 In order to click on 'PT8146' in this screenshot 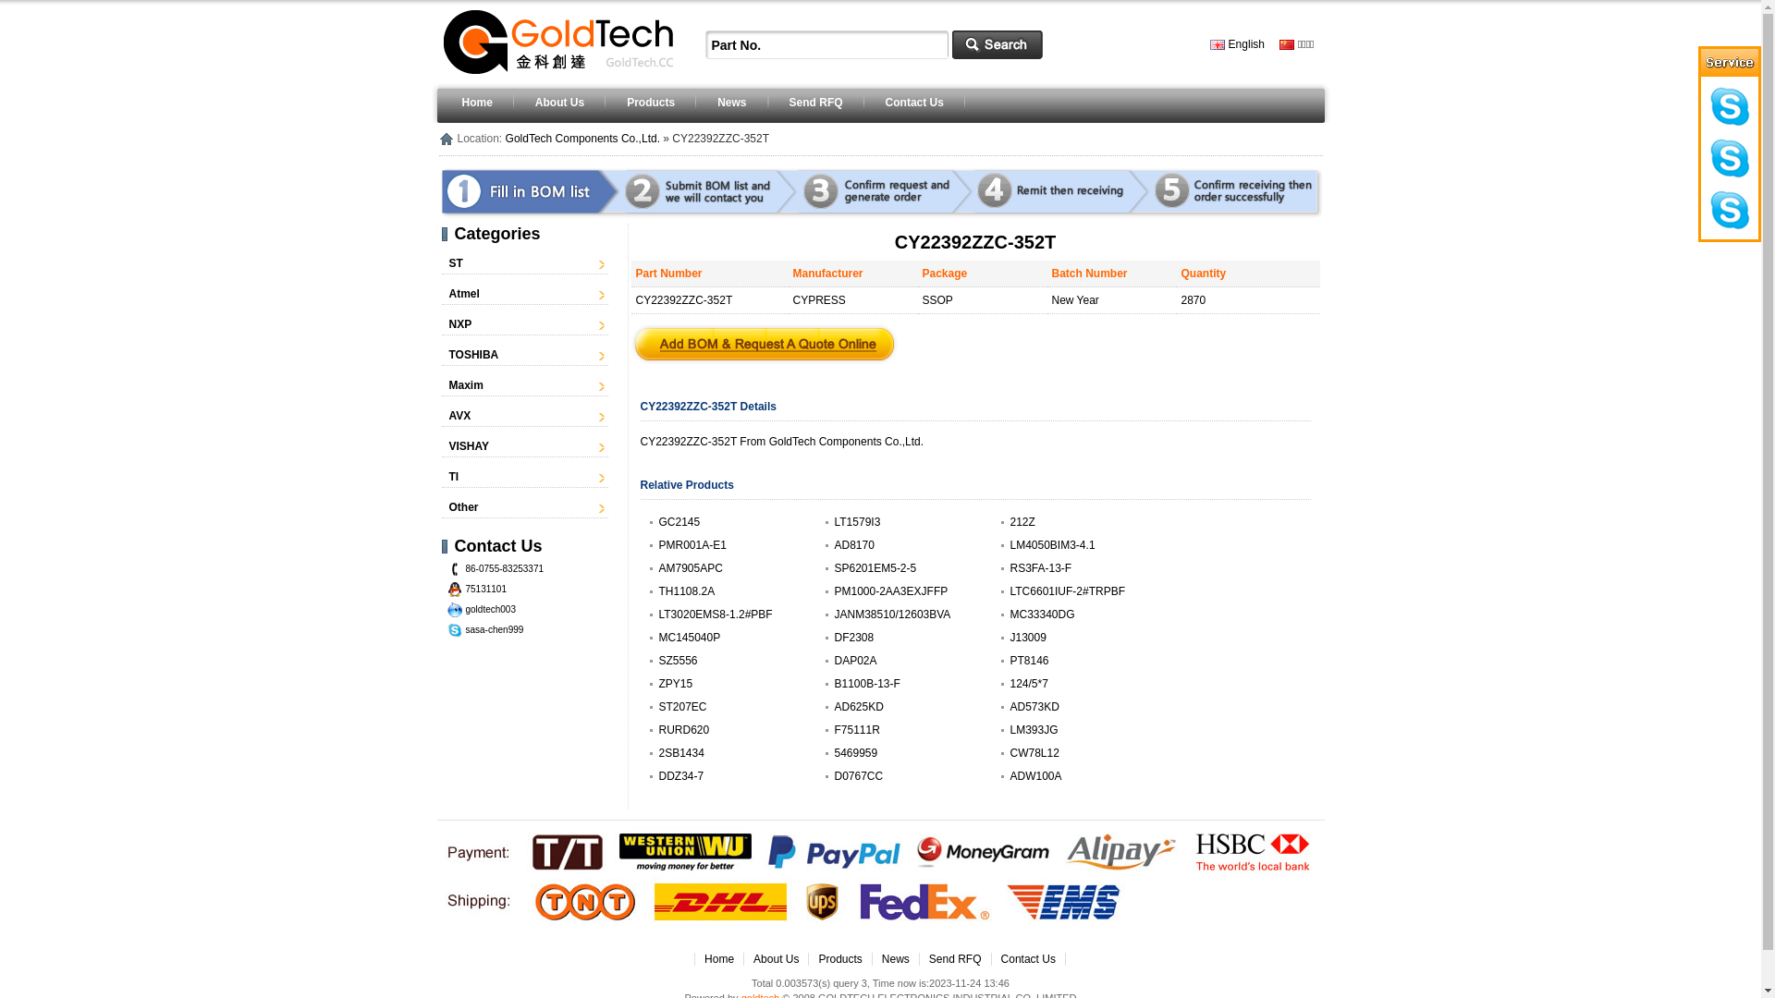, I will do `click(1028, 659)`.